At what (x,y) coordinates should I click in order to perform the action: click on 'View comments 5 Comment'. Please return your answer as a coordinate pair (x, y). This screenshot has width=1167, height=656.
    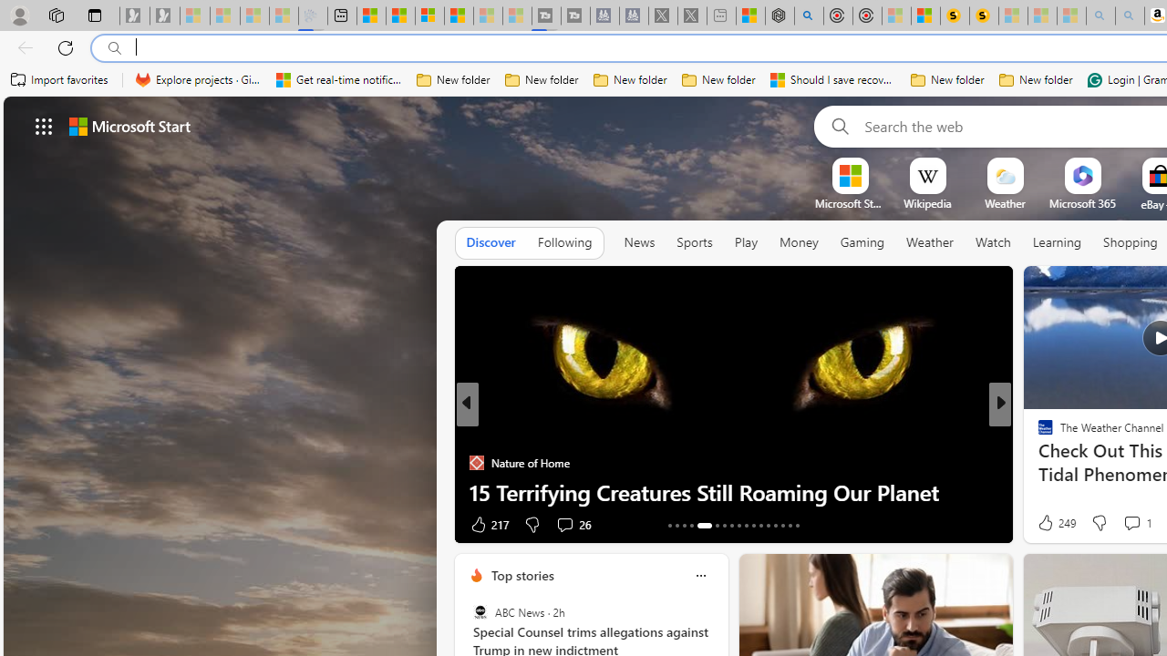
    Looking at the image, I should click on (1125, 524).